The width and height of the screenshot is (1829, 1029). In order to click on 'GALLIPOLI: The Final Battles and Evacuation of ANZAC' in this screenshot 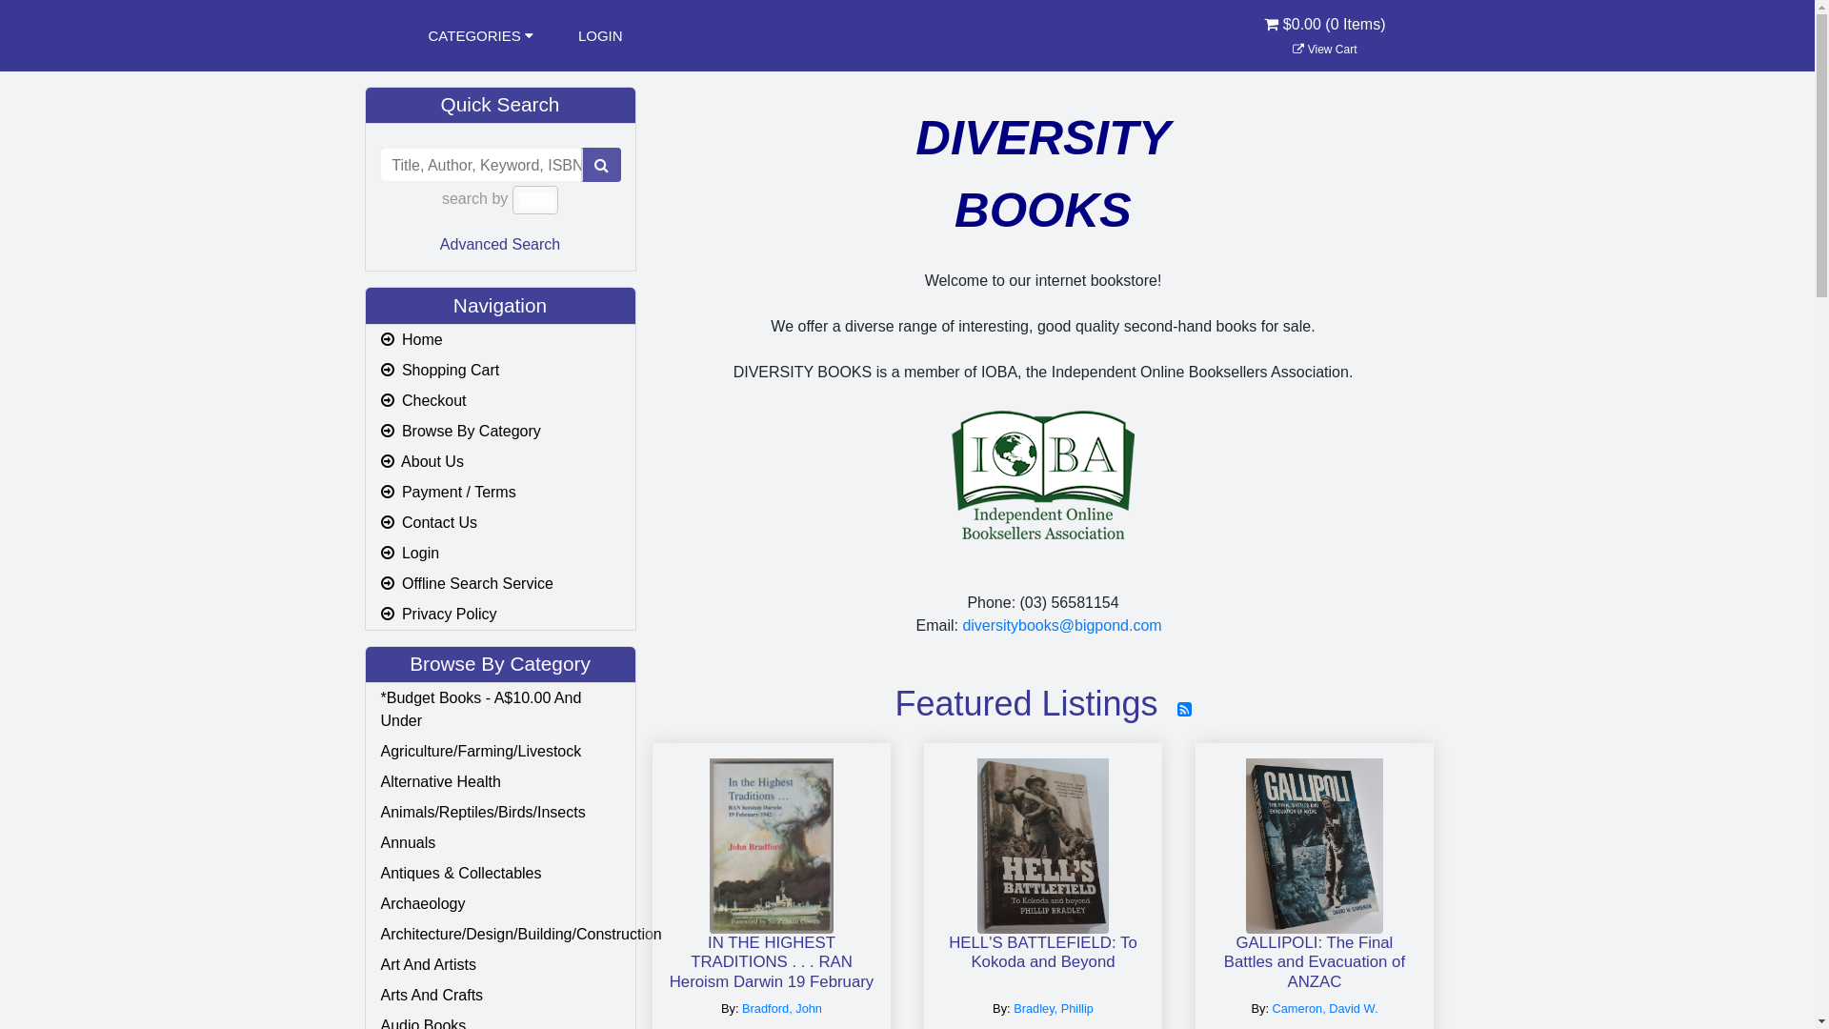, I will do `click(1314, 962)`.